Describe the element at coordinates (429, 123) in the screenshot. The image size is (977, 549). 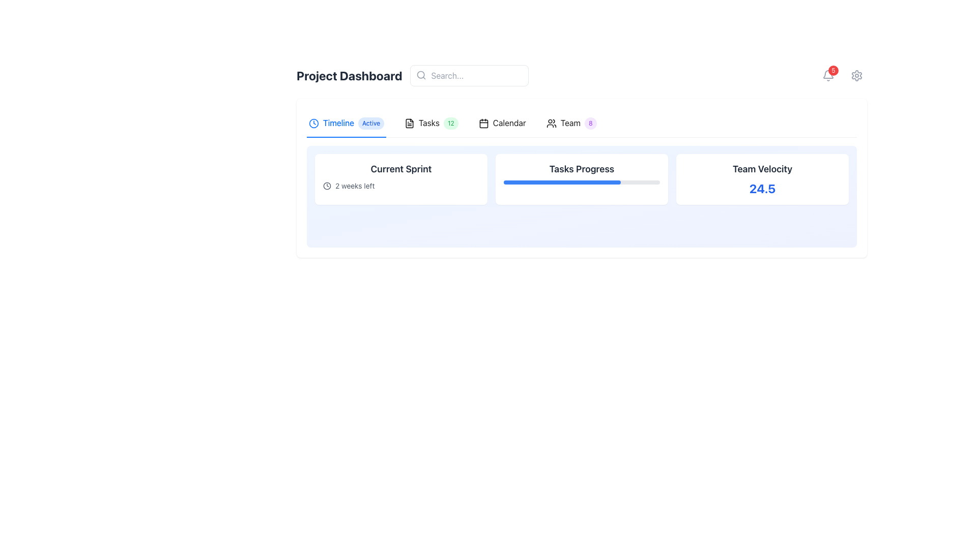
I see `text label displaying 'Tasks' located in the navigation bar, positioned between an icon and a badge with the number '12'` at that location.